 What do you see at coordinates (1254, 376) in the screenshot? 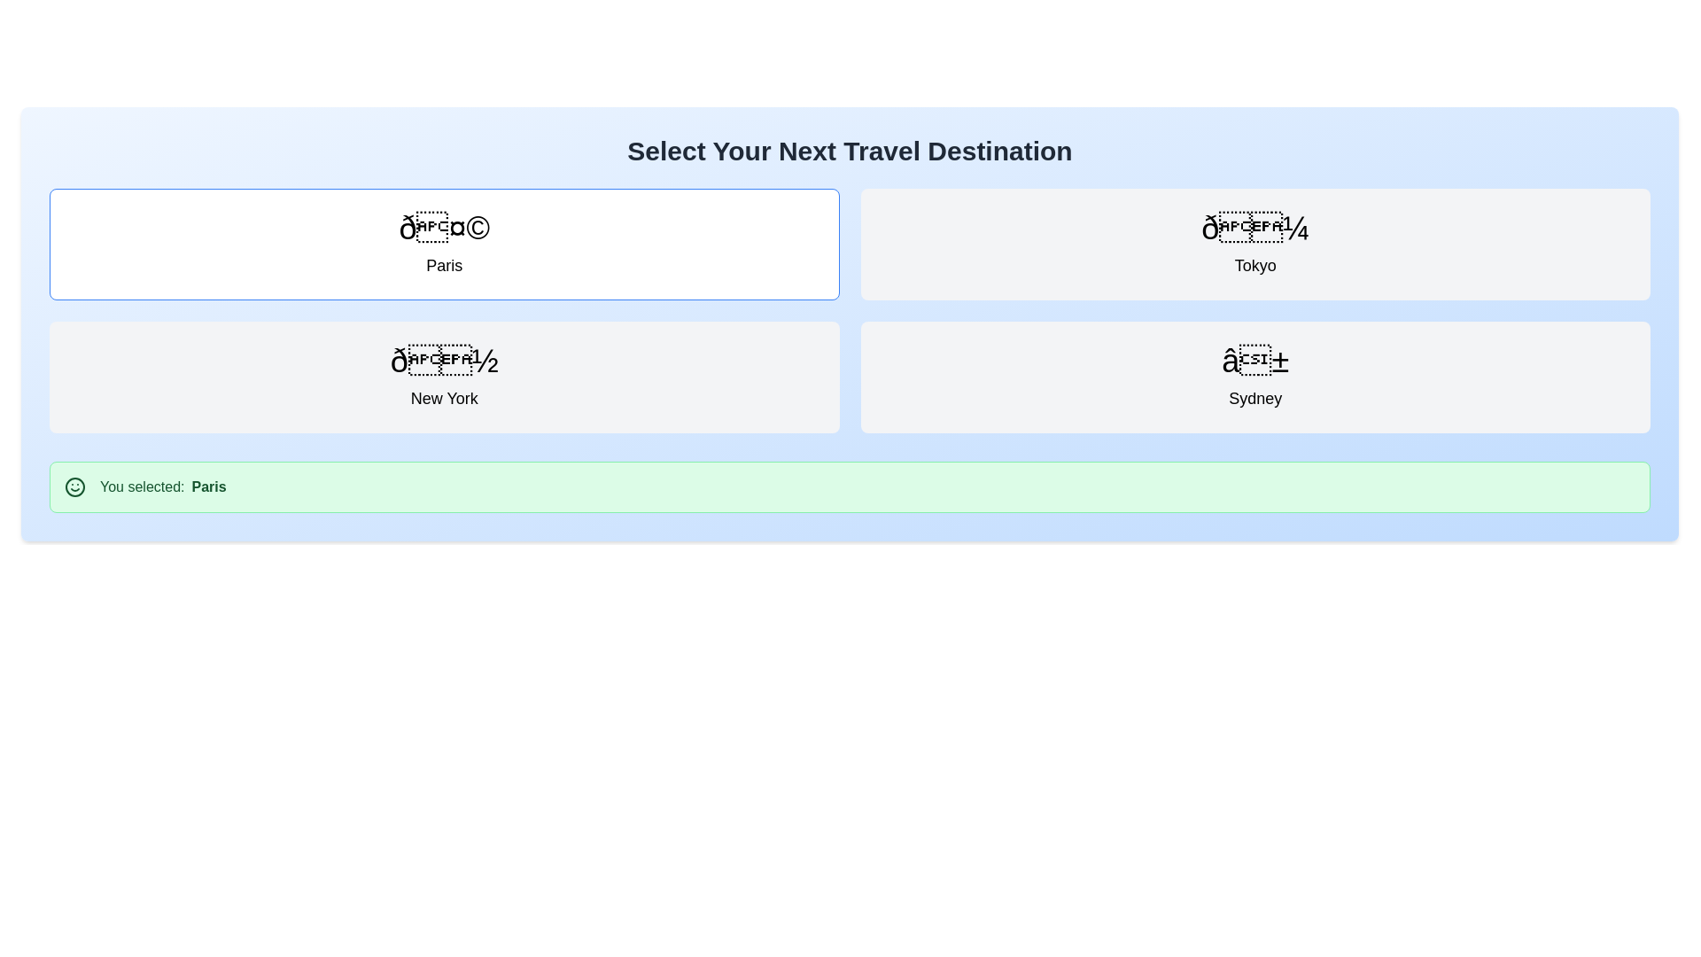
I see `the selectable button for choosing Sydney as a travel destination` at bounding box center [1254, 376].